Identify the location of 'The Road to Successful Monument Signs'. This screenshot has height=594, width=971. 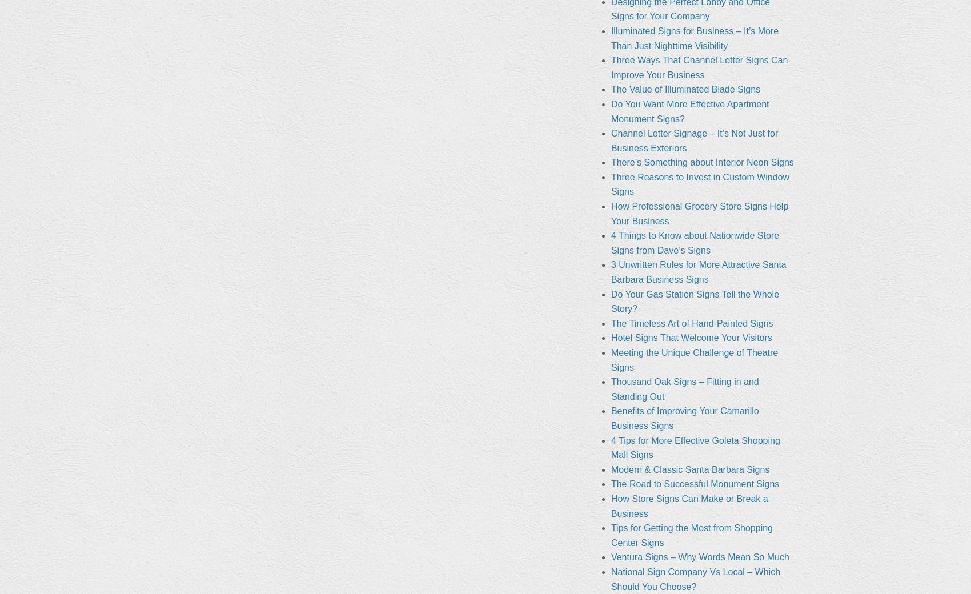
(610, 483).